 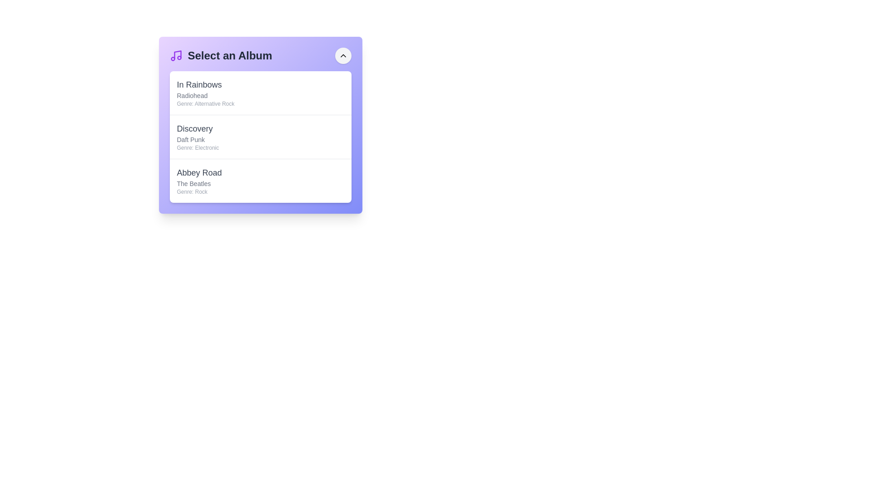 I want to click on the Text Label displaying 'Radiohead' in a smaller gray font, which is located directly under the title 'In Rainbows', so click(x=205, y=96).